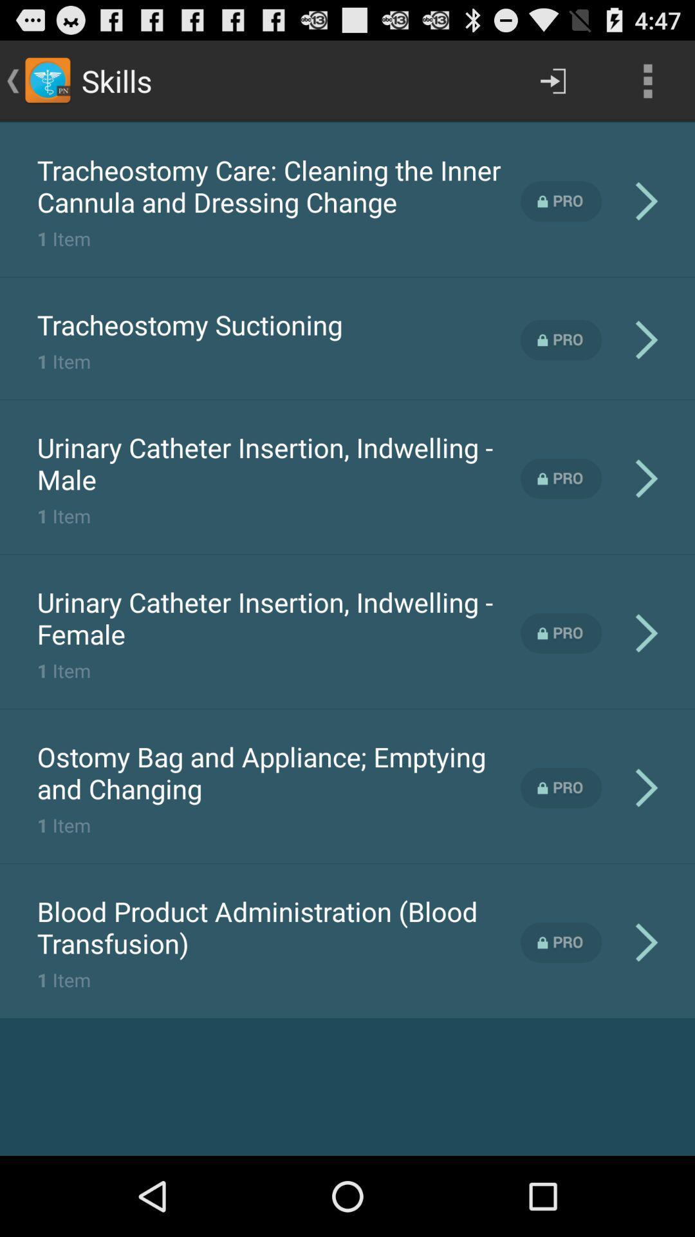  I want to click on app below the 1 item app, so click(278, 926).